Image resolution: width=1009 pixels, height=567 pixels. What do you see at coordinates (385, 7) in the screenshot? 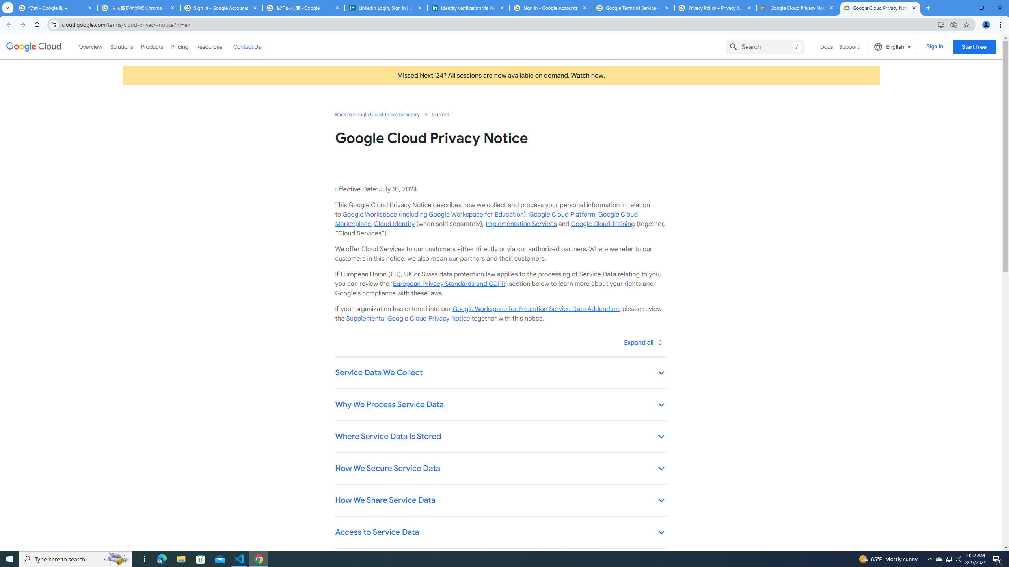
I see `'LinkedIn Login, Sign in | LinkedIn'` at bounding box center [385, 7].